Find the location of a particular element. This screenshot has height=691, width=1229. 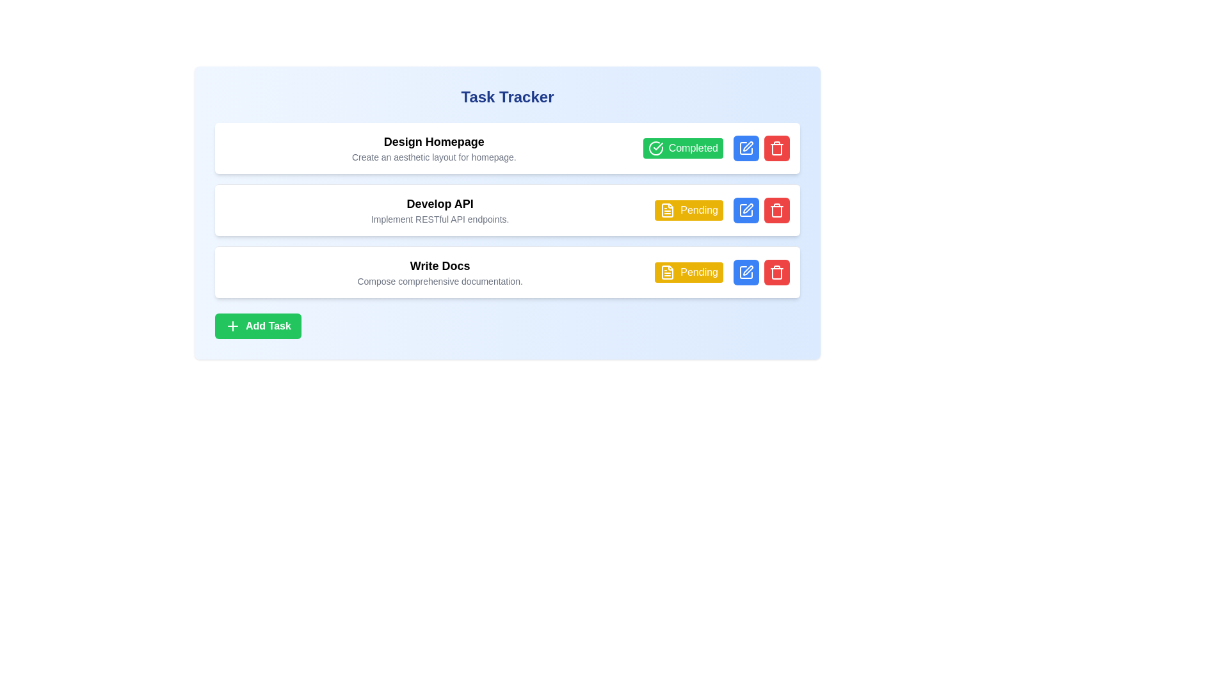

the red delete button with a trash can icon is located at coordinates (776, 209).